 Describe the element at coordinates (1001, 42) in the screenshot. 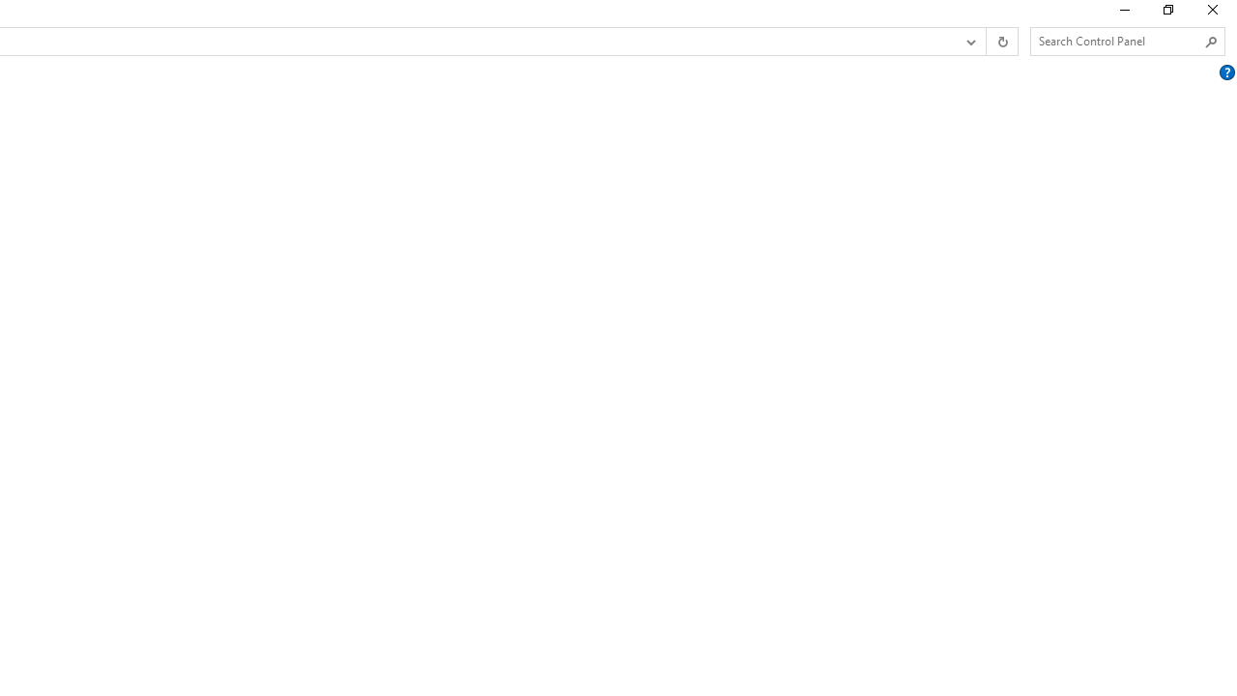

I see `'Refresh "Power Options" (F5)'` at that location.